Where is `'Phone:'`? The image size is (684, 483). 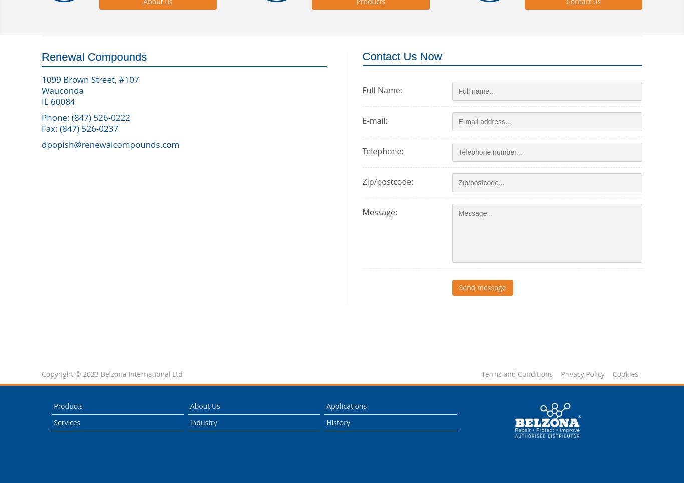
'Phone:' is located at coordinates (56, 116).